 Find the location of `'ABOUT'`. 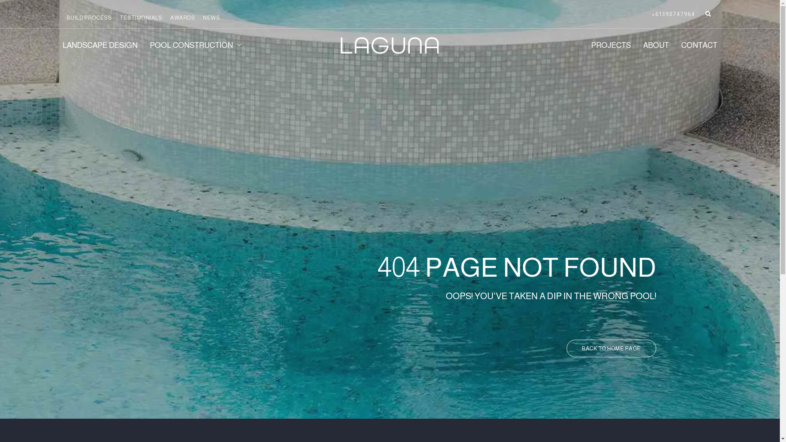

'ABOUT' is located at coordinates (649, 45).